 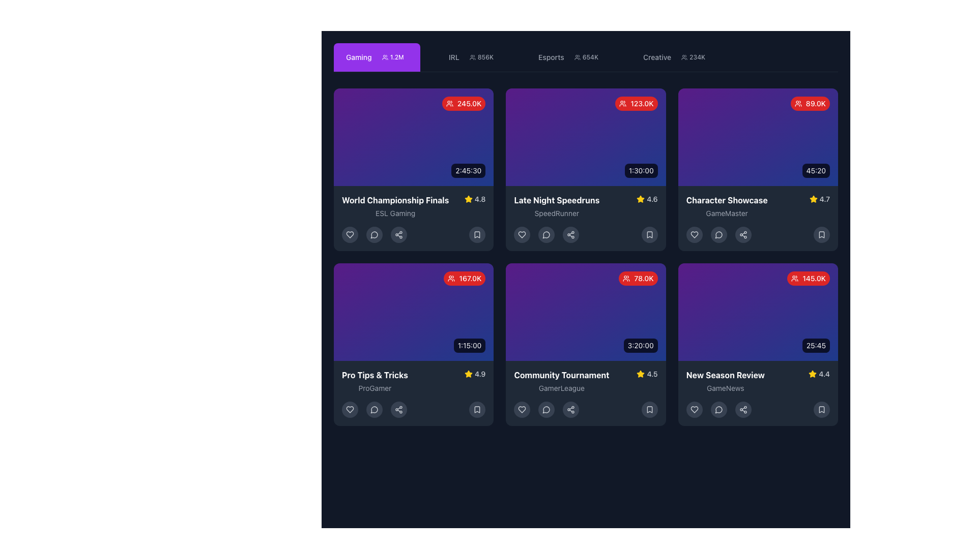 What do you see at coordinates (468, 374) in the screenshot?
I see `the prominent yellow star icon used for rating representation located in the bottom-left area of the interface, adjacent to the numerical rating '4.9'` at bounding box center [468, 374].